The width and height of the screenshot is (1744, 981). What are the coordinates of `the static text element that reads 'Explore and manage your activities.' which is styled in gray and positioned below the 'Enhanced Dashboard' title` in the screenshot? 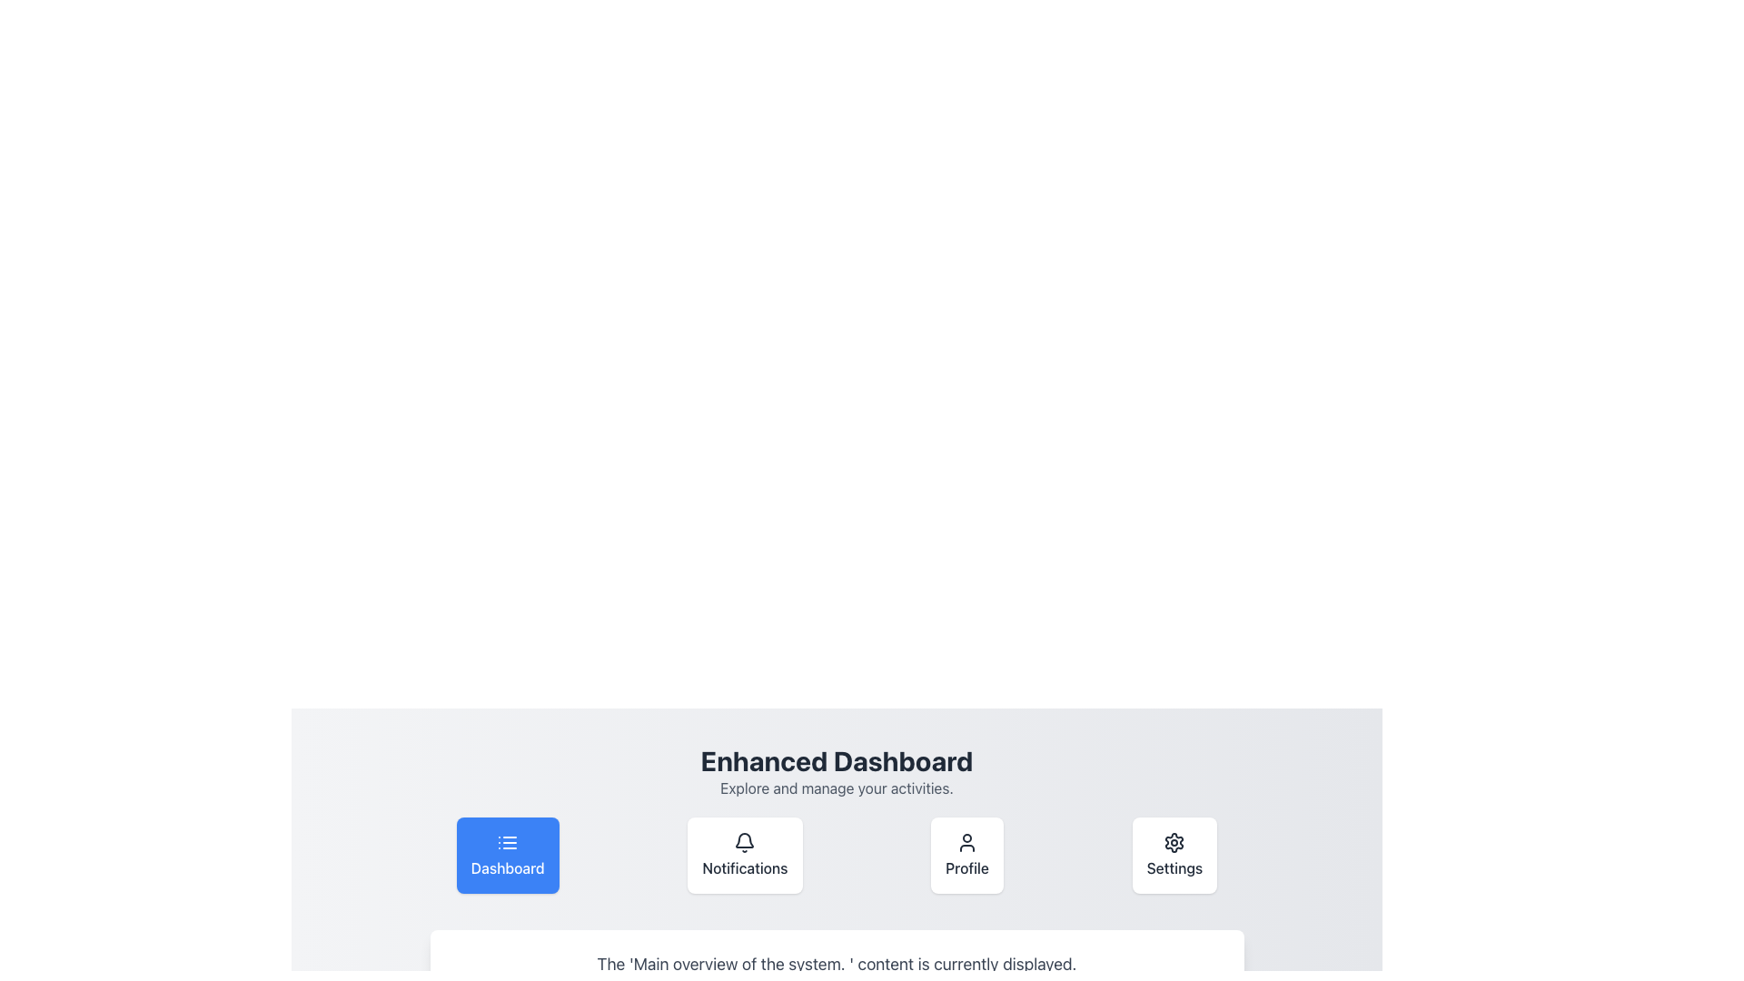 It's located at (836, 787).